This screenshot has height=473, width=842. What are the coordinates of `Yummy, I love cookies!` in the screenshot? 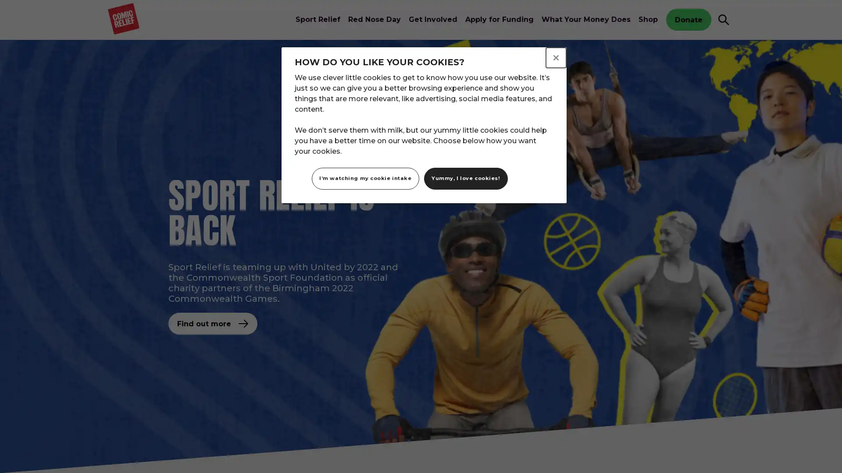 It's located at (465, 178).